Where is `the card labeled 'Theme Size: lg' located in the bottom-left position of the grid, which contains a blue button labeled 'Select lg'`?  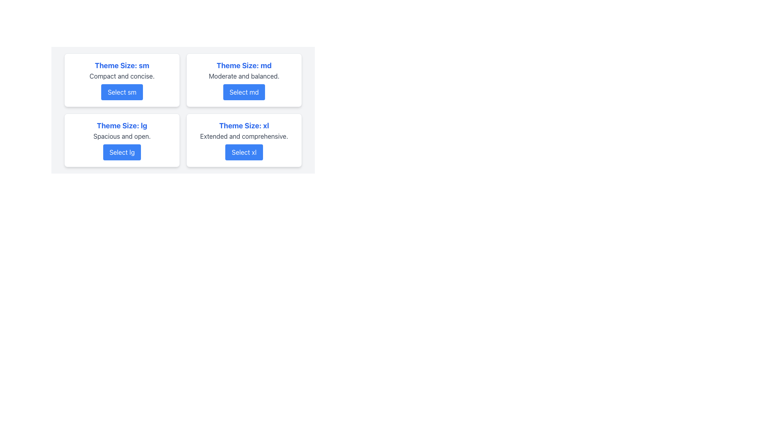
the card labeled 'Theme Size: lg' located in the bottom-left position of the grid, which contains a blue button labeled 'Select lg' is located at coordinates (121, 140).